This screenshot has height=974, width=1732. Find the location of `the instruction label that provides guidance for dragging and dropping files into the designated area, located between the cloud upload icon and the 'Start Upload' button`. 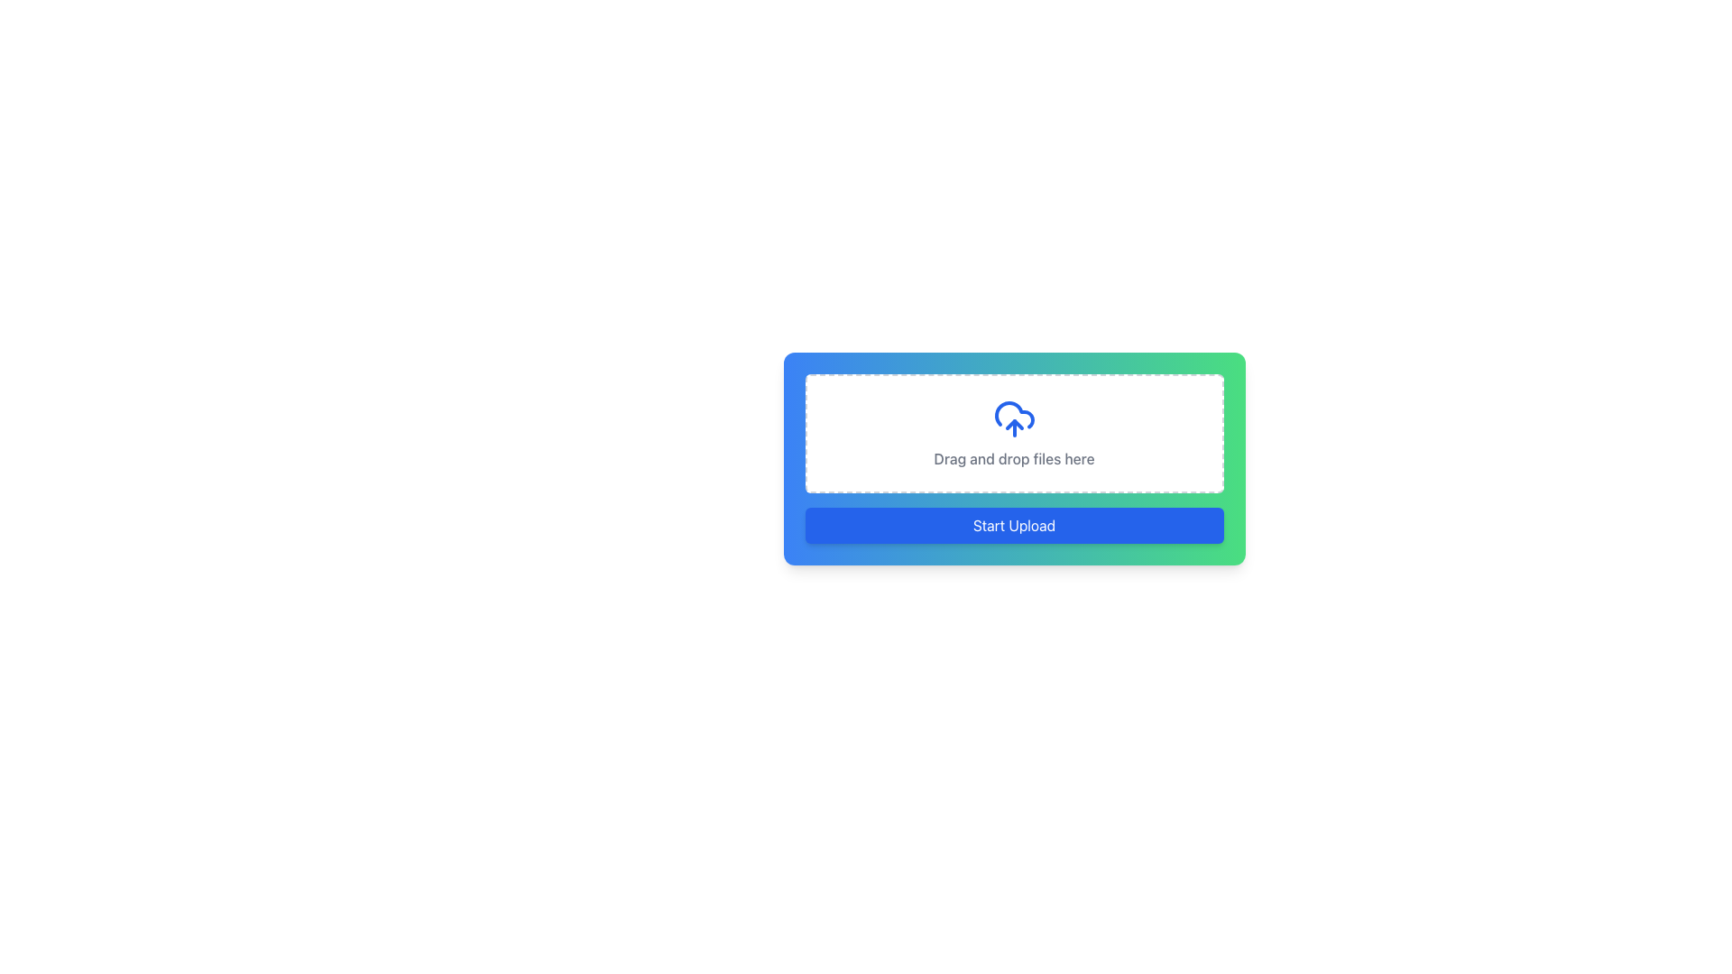

the instruction label that provides guidance for dragging and dropping files into the designated area, located between the cloud upload icon and the 'Start Upload' button is located at coordinates (1014, 458).